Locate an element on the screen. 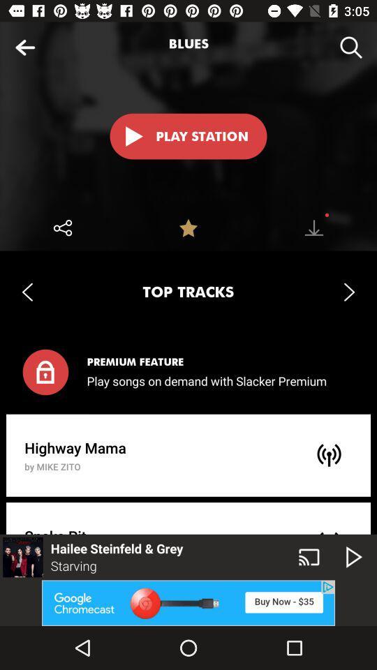 The width and height of the screenshot is (377, 670). the play icon is located at coordinates (354, 557).